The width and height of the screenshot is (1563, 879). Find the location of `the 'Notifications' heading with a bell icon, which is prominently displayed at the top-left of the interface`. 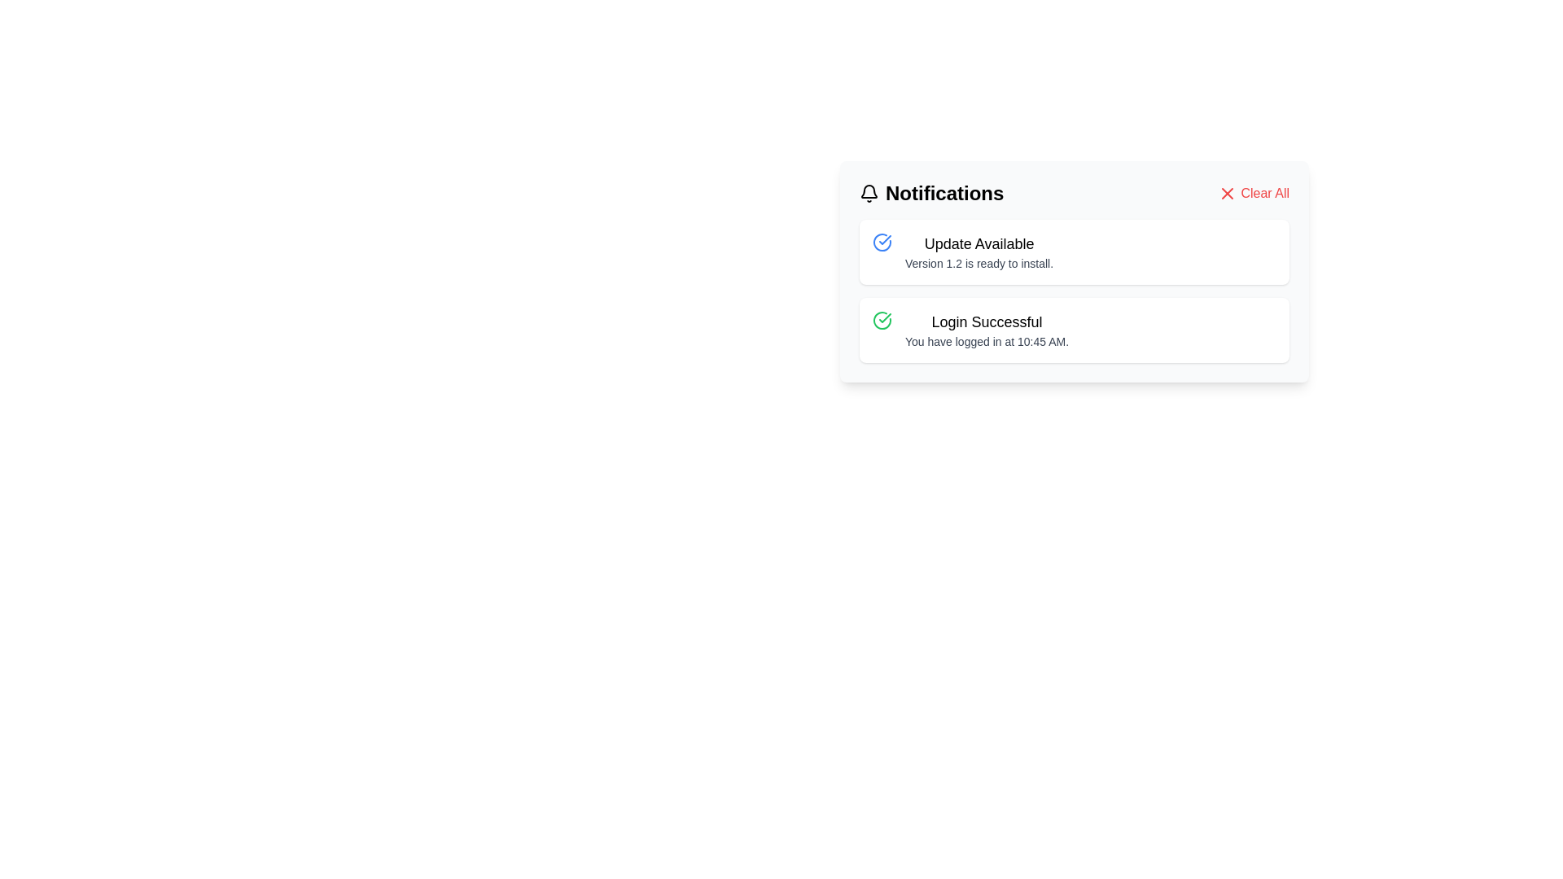

the 'Notifications' heading with a bell icon, which is prominently displayed at the top-left of the interface is located at coordinates (931, 193).